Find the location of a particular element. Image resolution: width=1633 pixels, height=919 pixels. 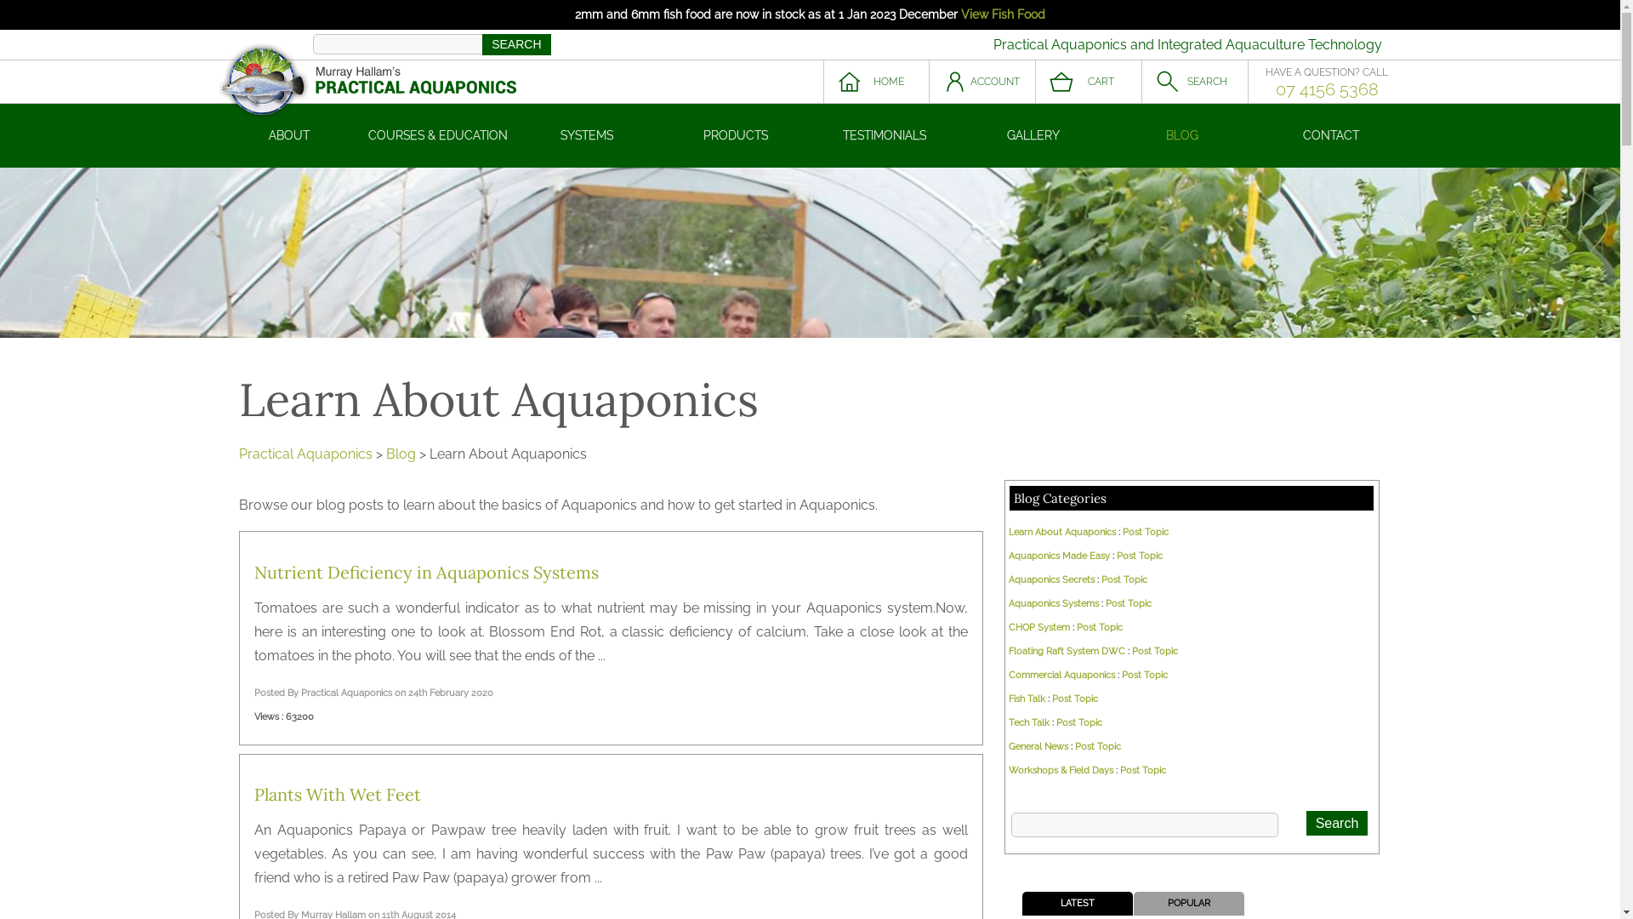

'Post Topic' is located at coordinates (1119, 770).